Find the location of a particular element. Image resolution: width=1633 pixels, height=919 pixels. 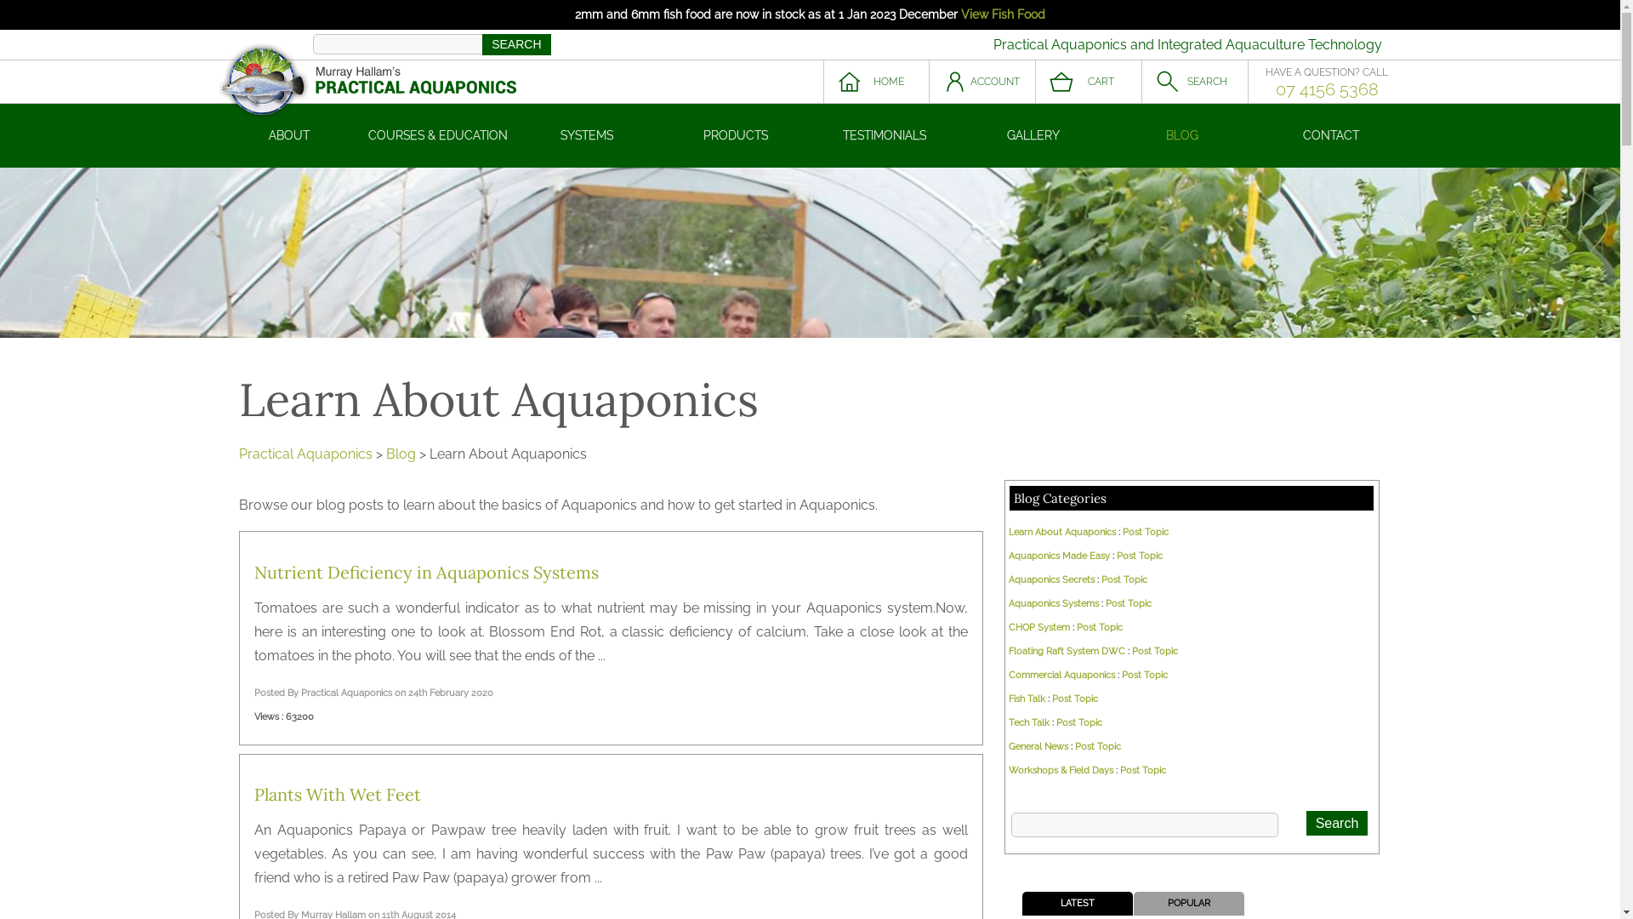

'Post Topic' is located at coordinates (1119, 770).